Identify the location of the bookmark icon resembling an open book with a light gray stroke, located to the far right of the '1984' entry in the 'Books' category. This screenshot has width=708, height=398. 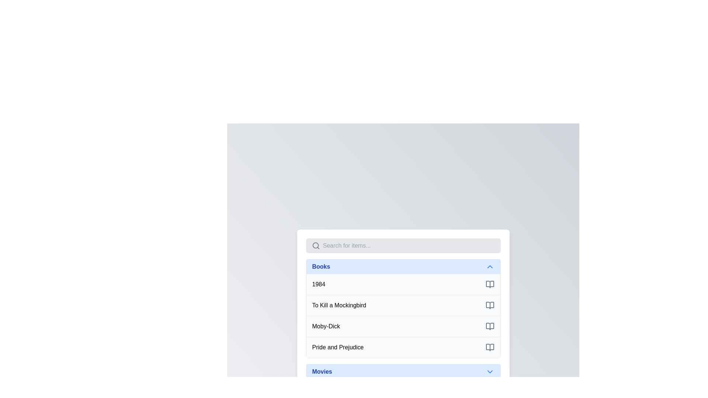
(490, 284).